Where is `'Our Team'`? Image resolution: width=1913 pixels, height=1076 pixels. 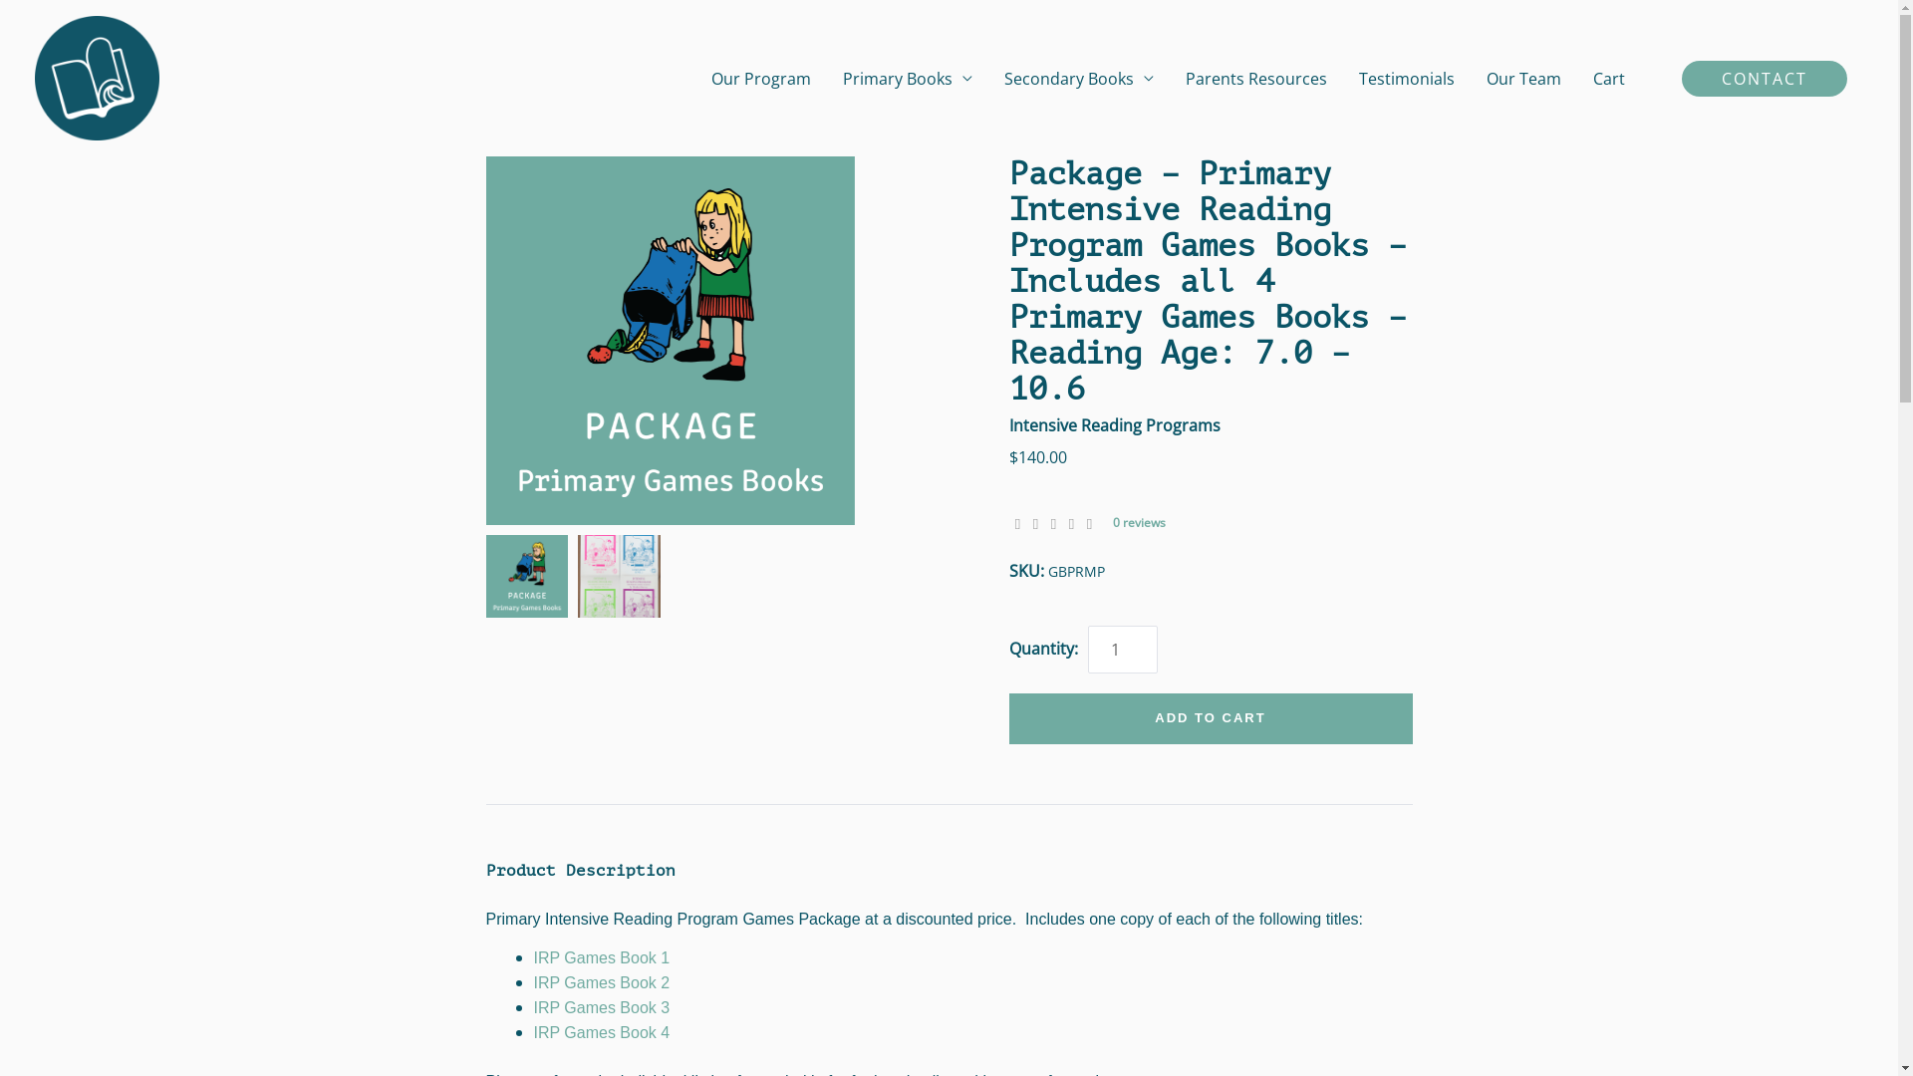
'Our Team' is located at coordinates (1522, 77).